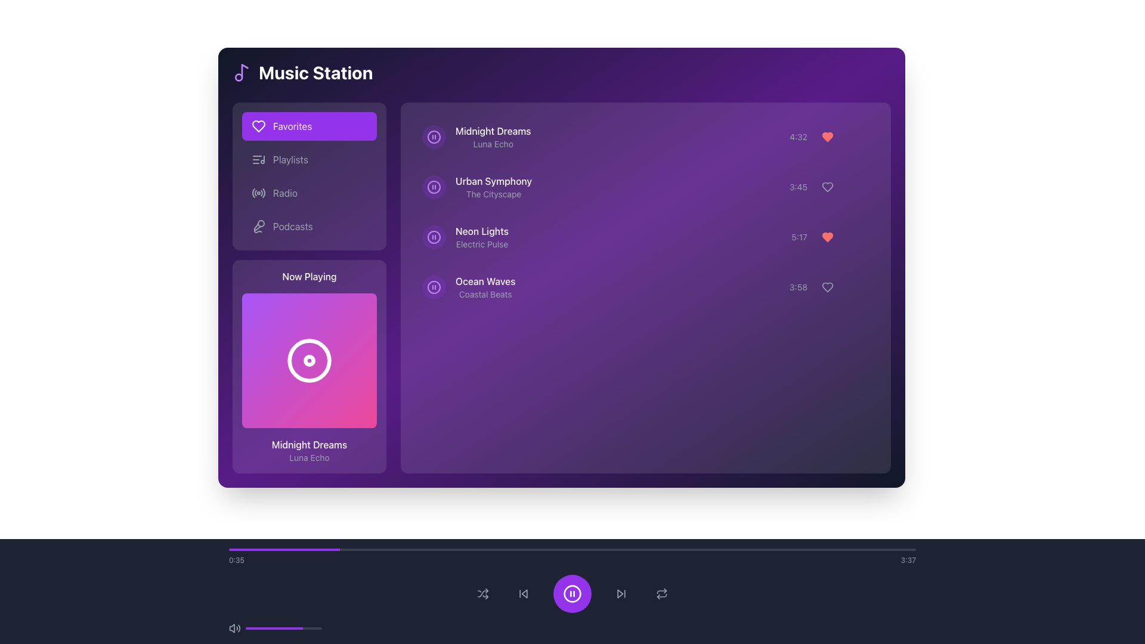 This screenshot has width=1145, height=644. What do you see at coordinates (485, 281) in the screenshot?
I see `the text label for the music track located on the right side of the interface, which is the fourth item in the vertical list, below 'Neon Lights' and above the footer, to associate it with adjacent elements` at bounding box center [485, 281].